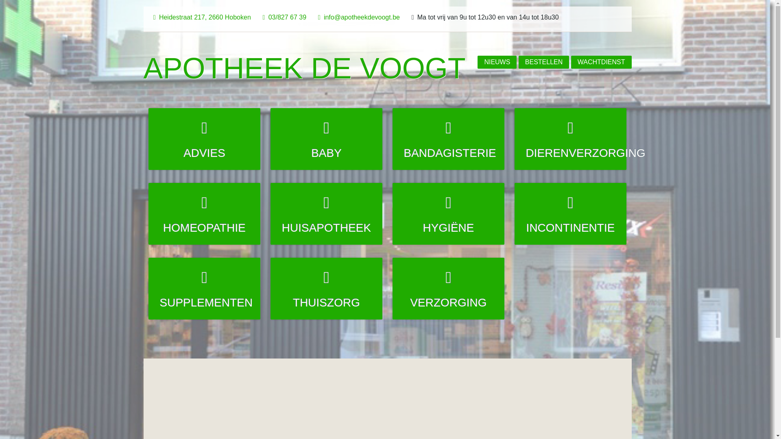  Describe the element at coordinates (271, 213) in the screenshot. I see `'HUISAPOTHEEK'` at that location.